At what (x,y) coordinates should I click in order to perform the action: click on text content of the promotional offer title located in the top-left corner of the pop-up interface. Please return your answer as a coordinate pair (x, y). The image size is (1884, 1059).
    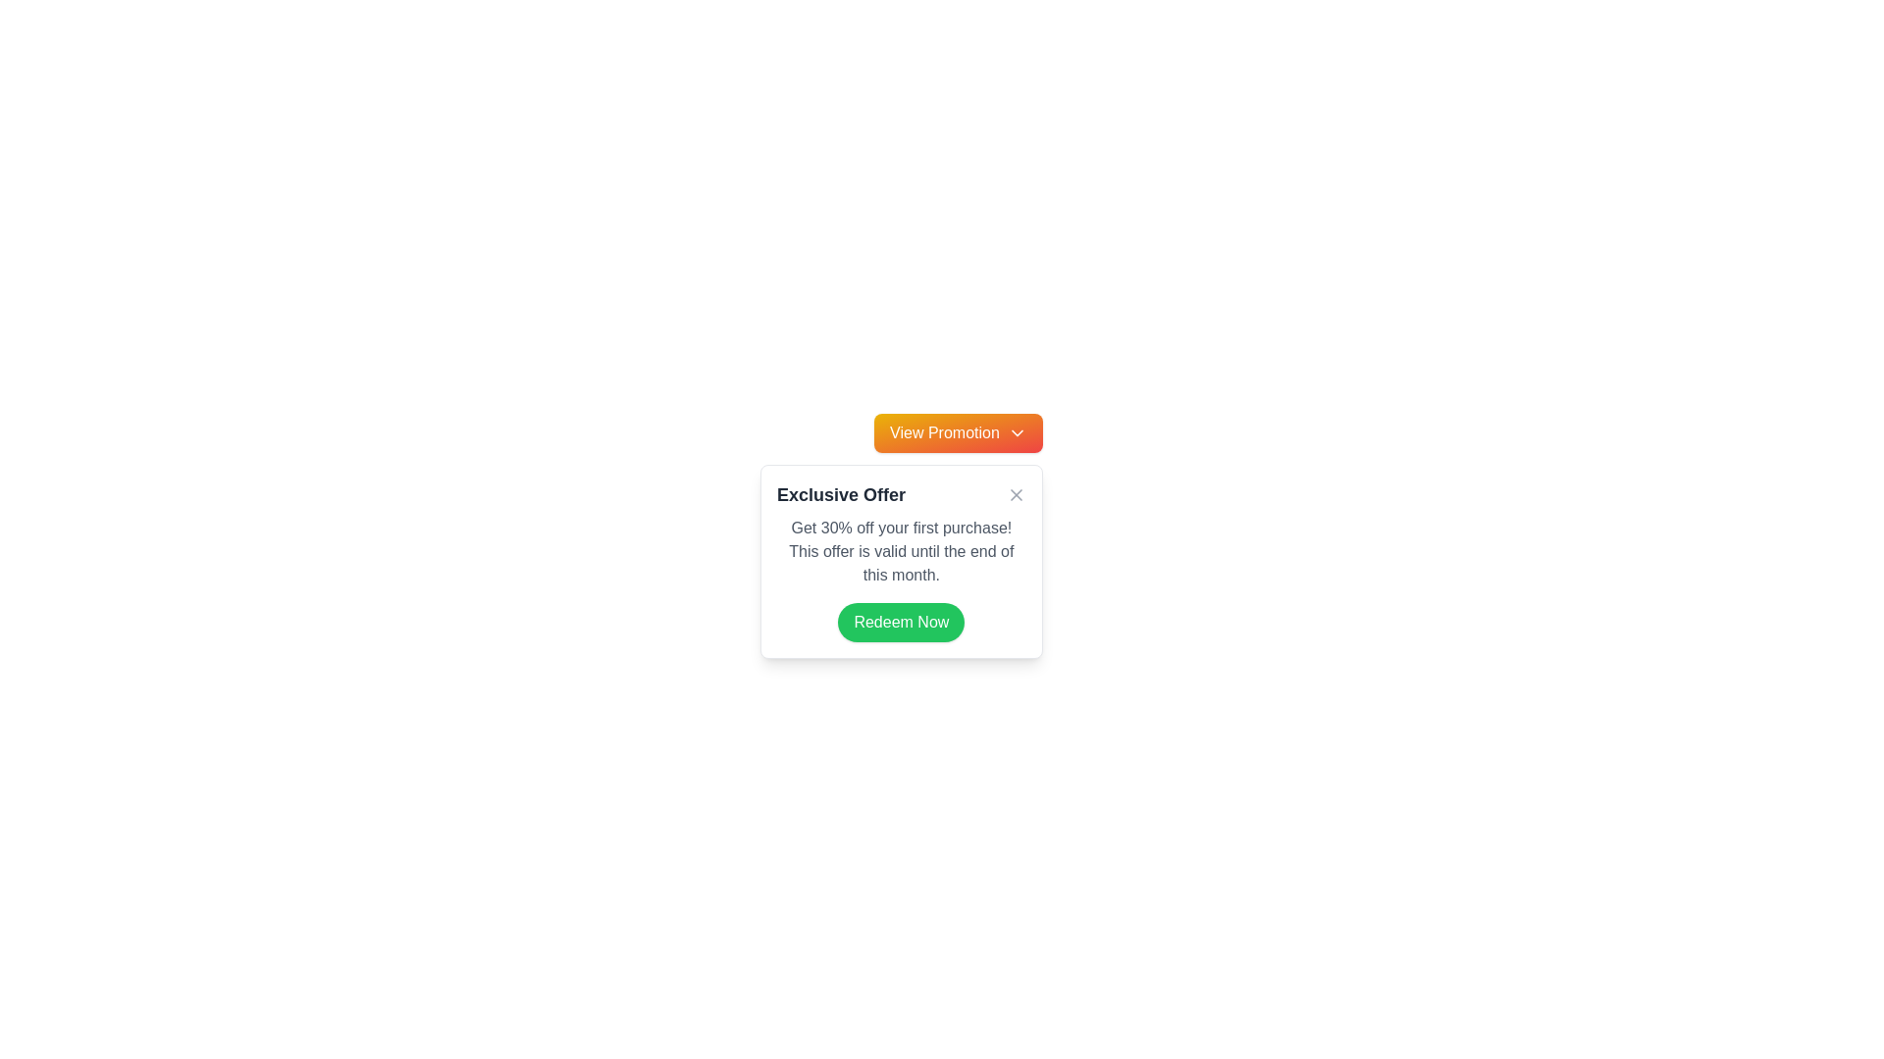
    Looking at the image, I should click on (841, 494).